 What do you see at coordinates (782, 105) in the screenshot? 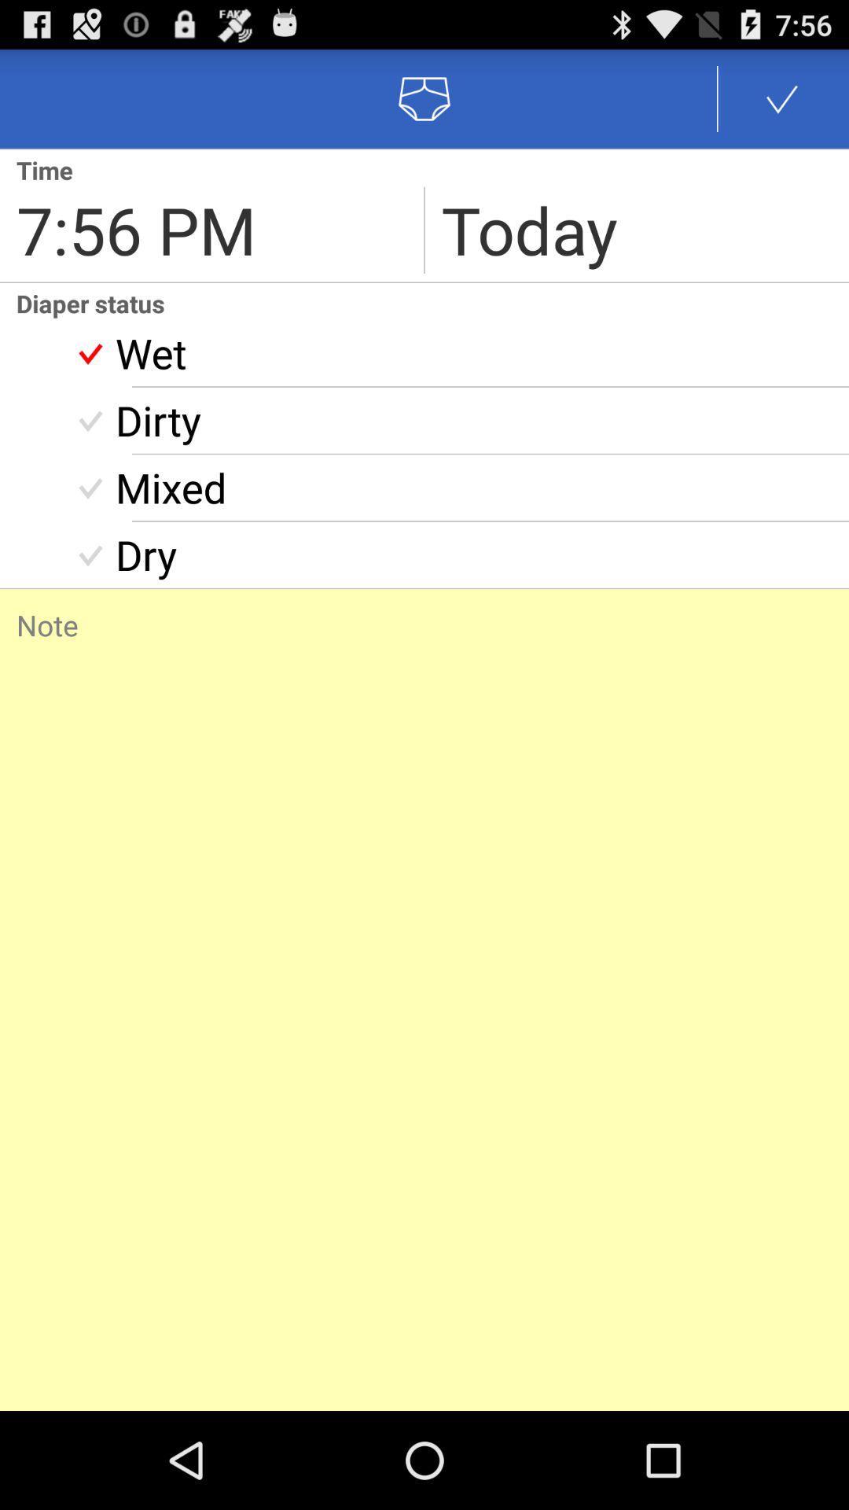
I see `the check icon` at bounding box center [782, 105].